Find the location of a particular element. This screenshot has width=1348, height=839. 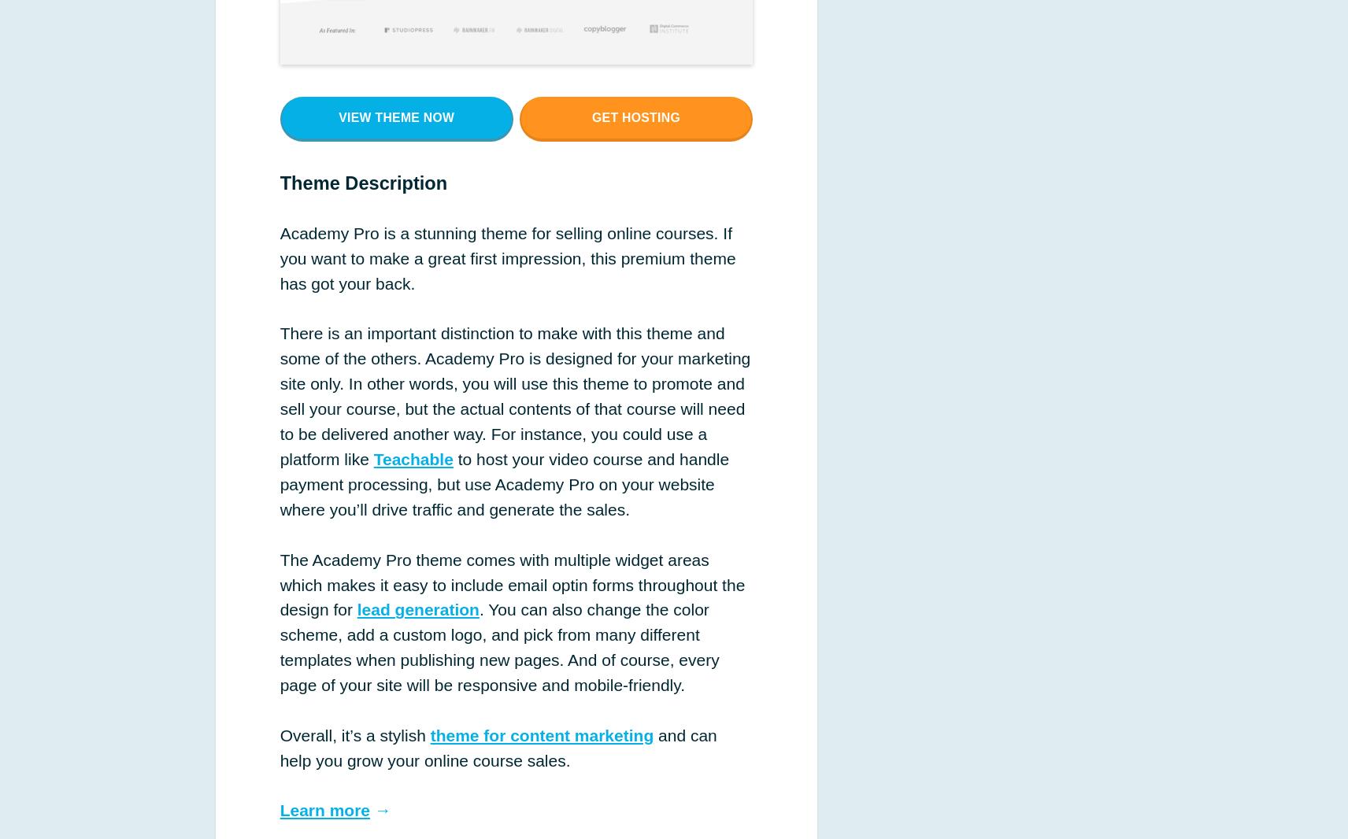

'Academy Pro is a stunning theme for selling online courses. If you want to make a great first impression, this premium theme has got your back.' is located at coordinates (280, 257).